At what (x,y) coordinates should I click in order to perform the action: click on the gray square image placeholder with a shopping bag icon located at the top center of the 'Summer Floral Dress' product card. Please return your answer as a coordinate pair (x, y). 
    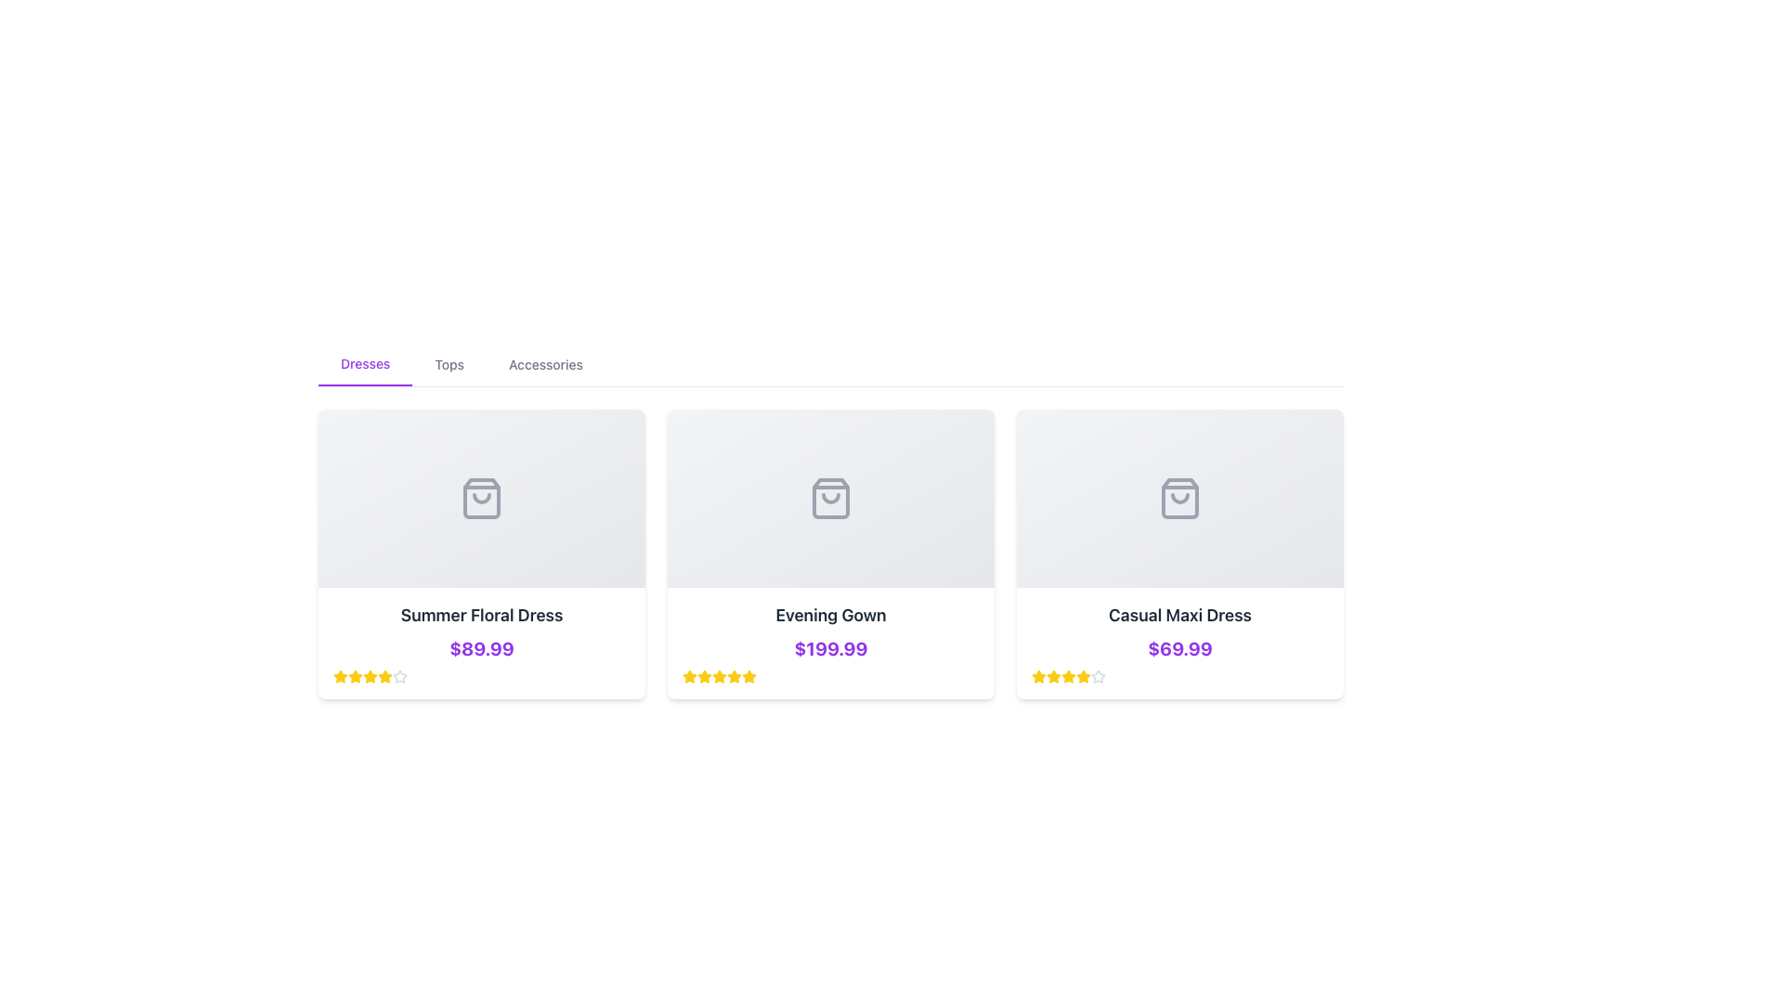
    Looking at the image, I should click on (481, 497).